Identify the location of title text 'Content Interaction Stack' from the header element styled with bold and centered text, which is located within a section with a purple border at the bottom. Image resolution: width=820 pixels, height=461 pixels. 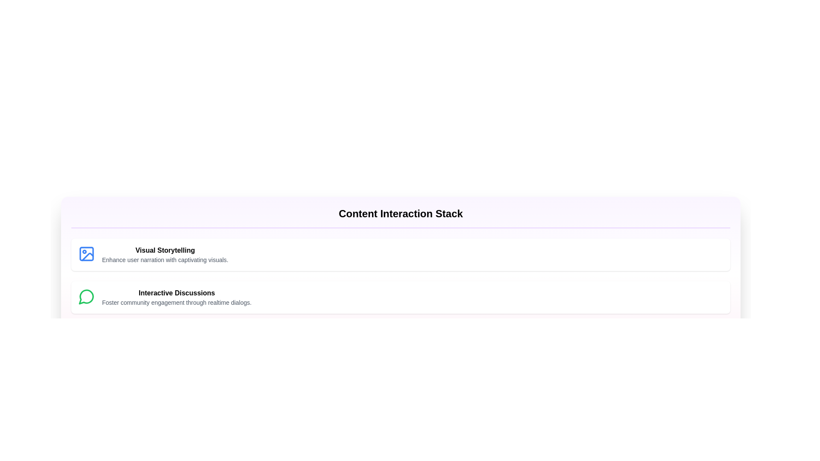
(400, 217).